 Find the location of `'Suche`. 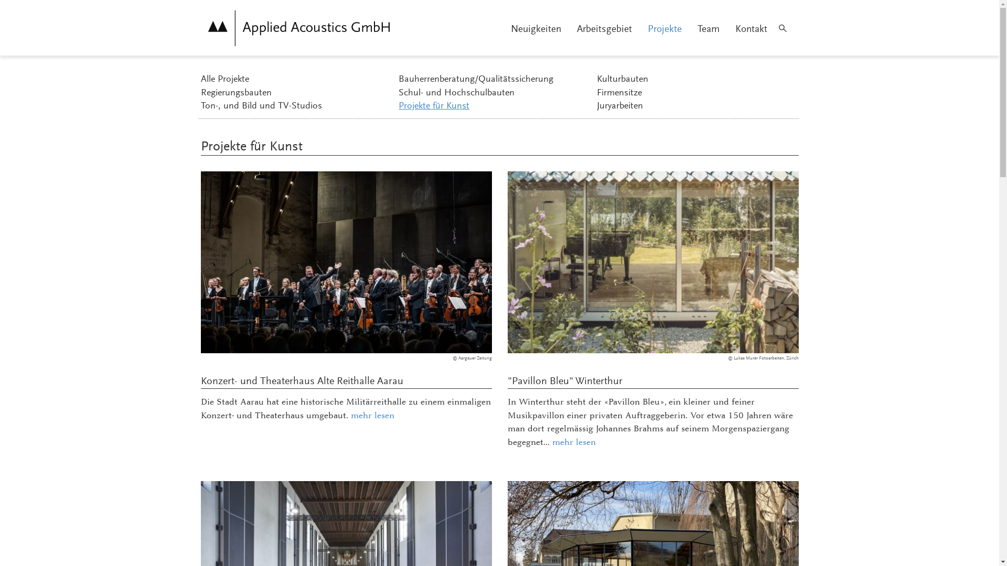

'Suche is located at coordinates (783, 27).